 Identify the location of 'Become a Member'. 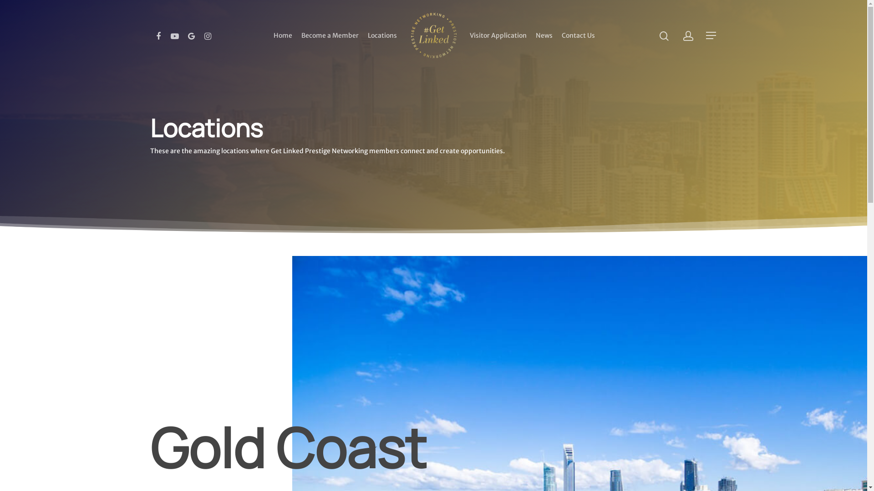
(329, 35).